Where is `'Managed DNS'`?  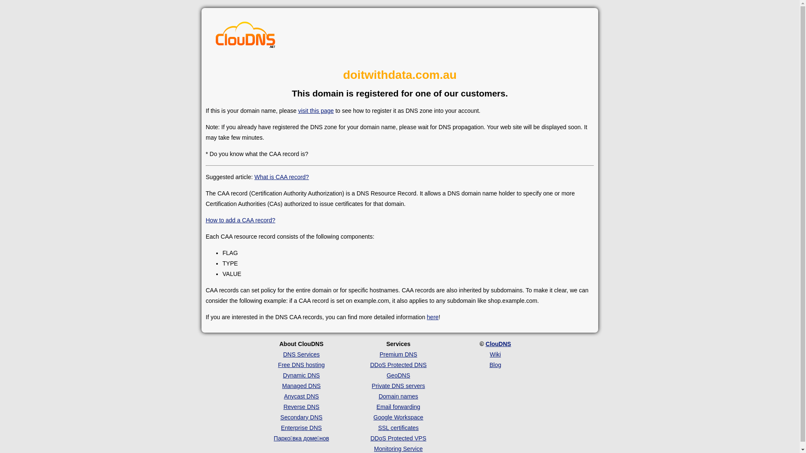
'Managed DNS' is located at coordinates (282, 386).